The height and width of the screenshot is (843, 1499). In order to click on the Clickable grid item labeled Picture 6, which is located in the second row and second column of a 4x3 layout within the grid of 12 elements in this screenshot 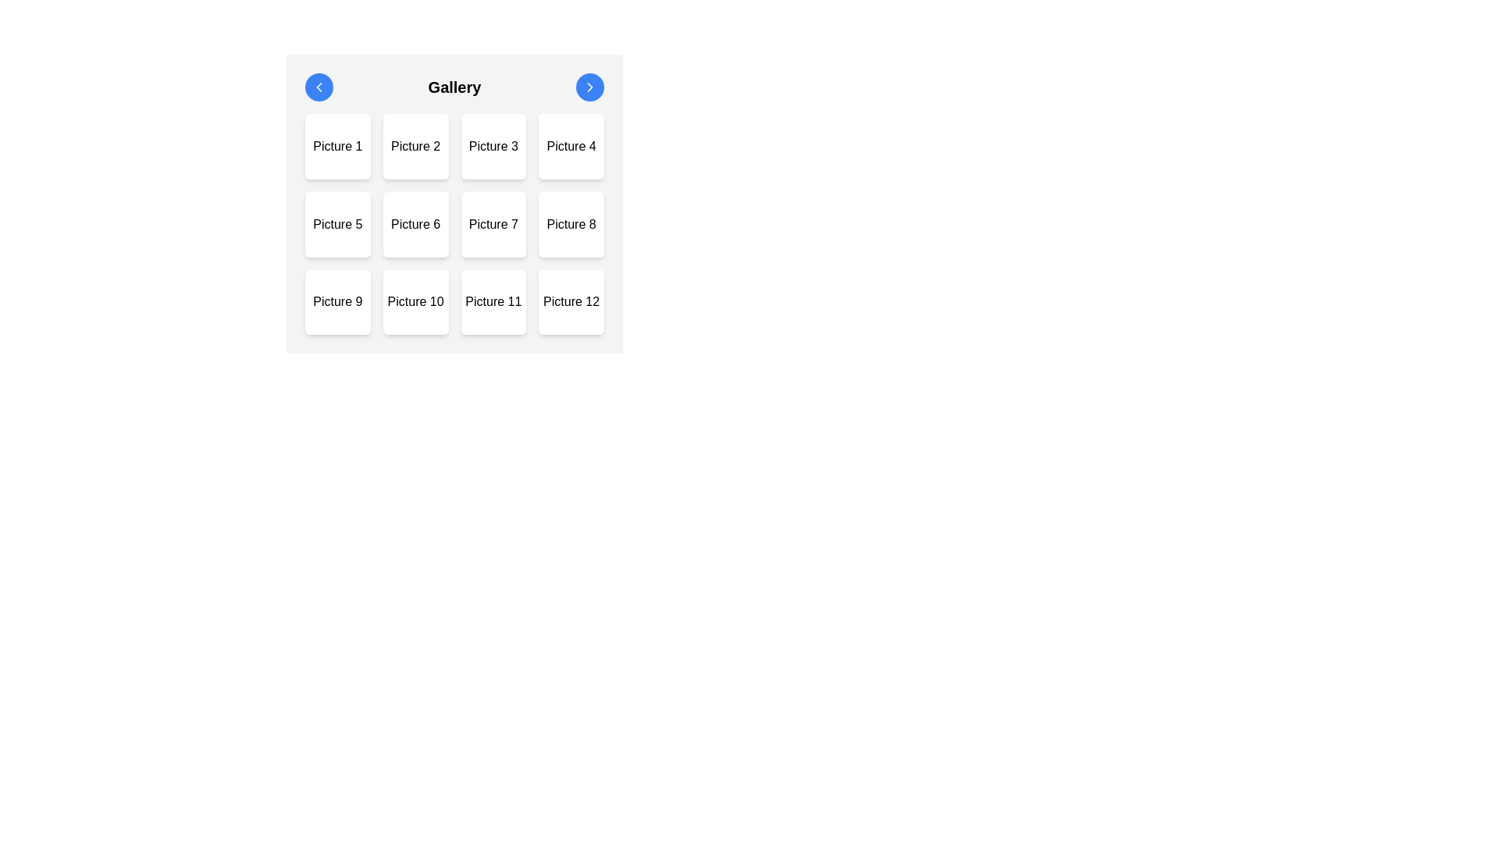, I will do `click(454, 224)`.